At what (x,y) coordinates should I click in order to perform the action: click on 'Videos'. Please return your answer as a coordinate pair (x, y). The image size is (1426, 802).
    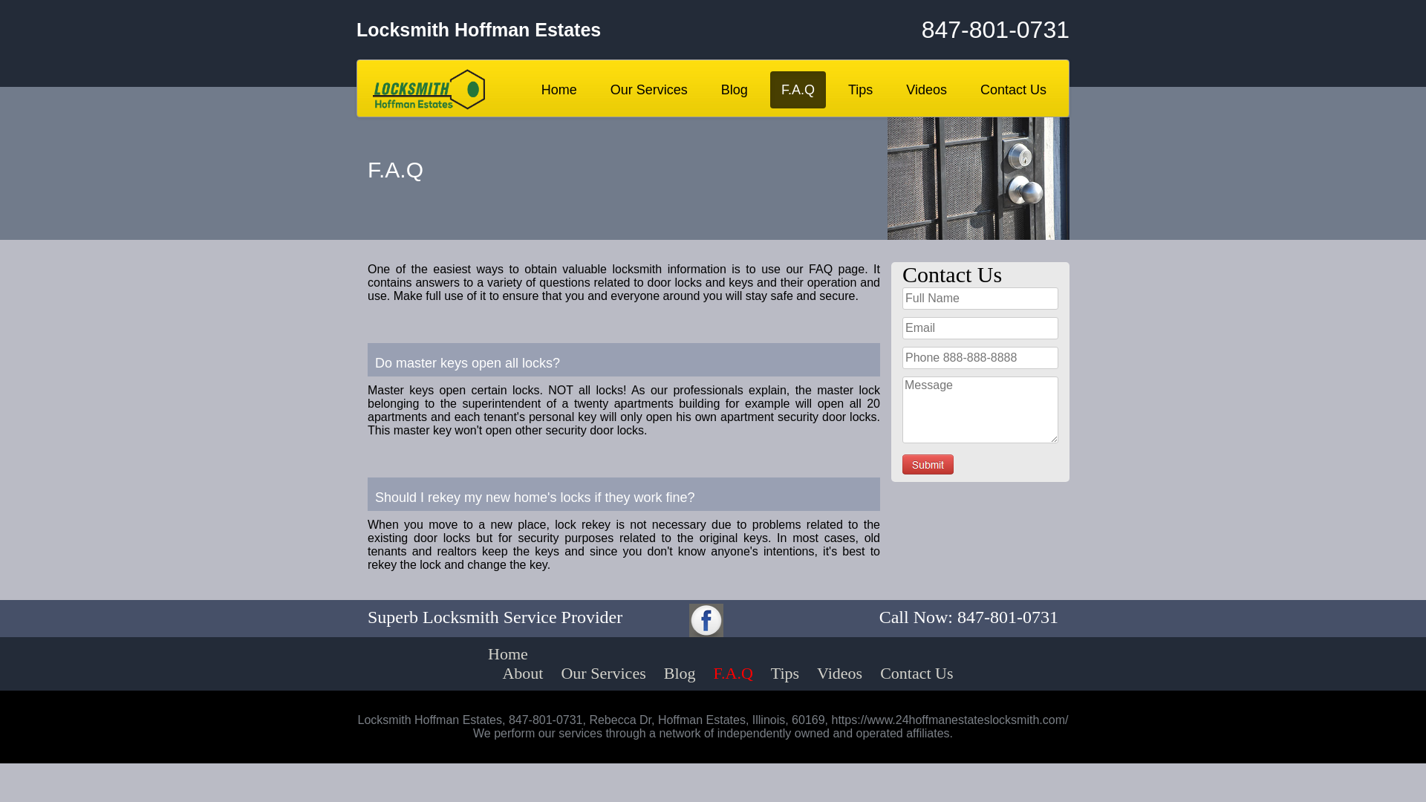
    Looking at the image, I should click on (839, 673).